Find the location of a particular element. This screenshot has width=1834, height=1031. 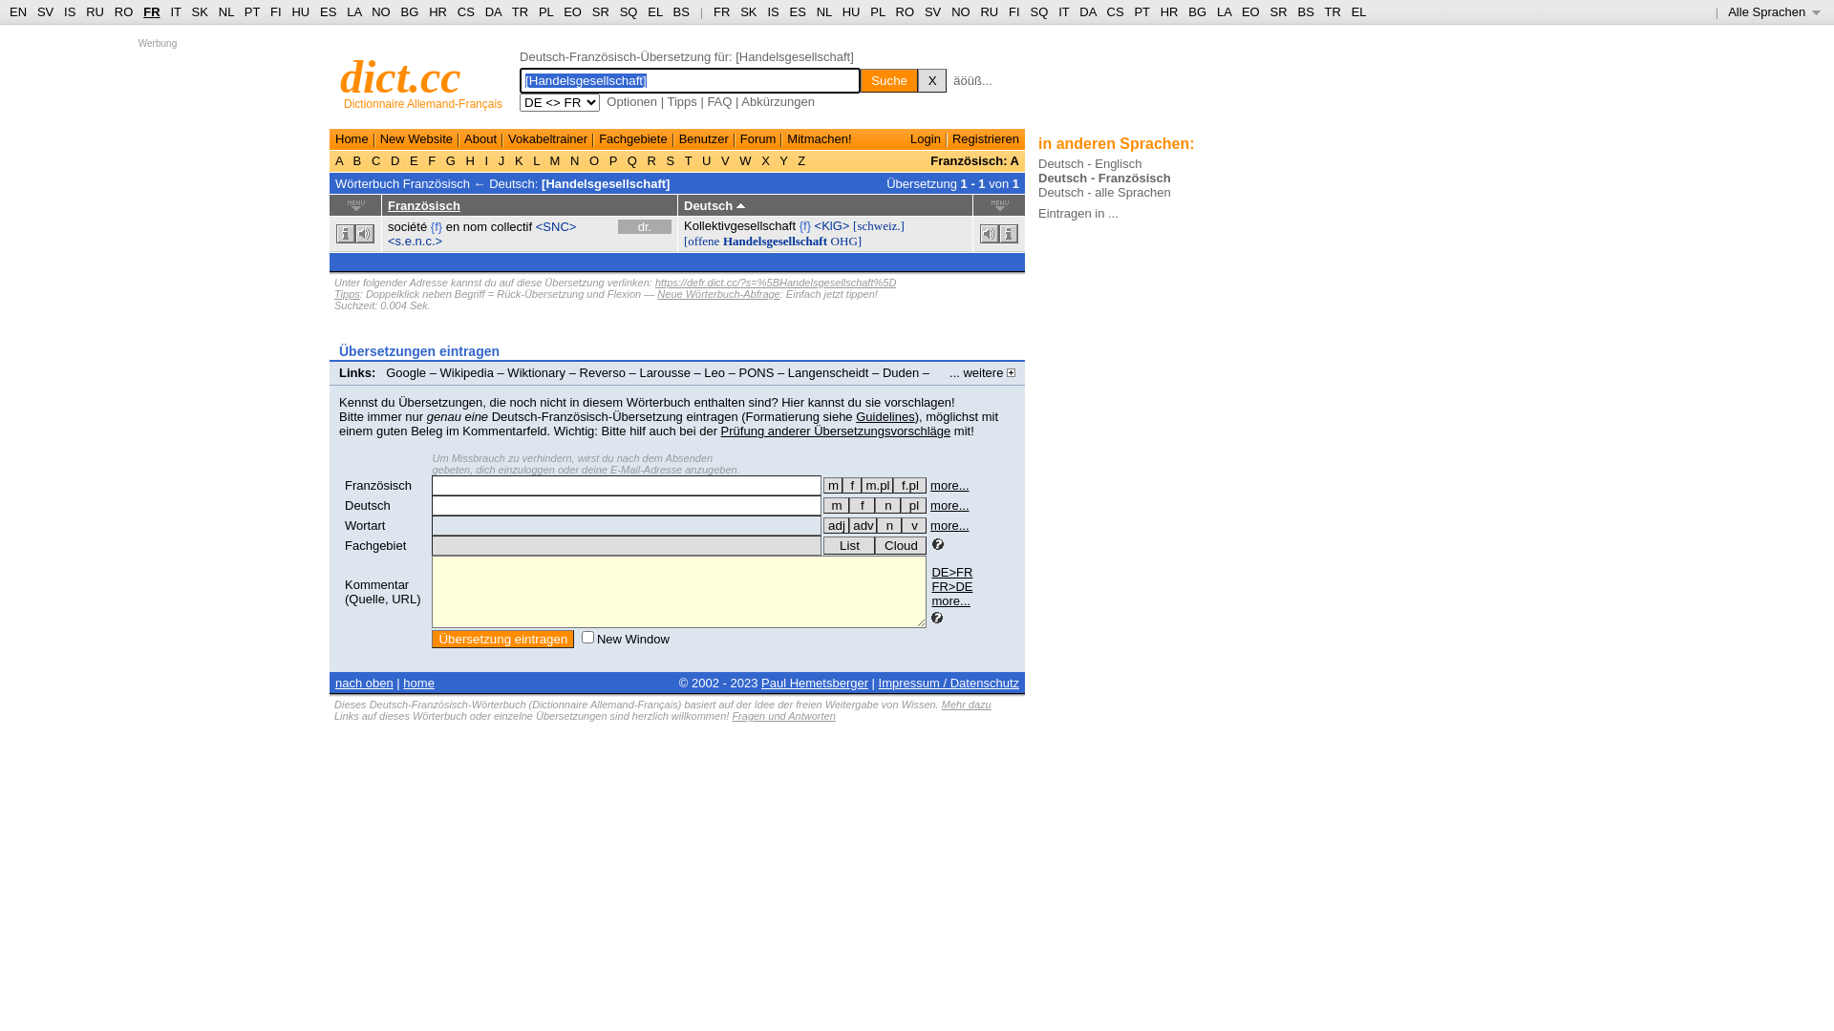

'Registrieren' is located at coordinates (986, 137).